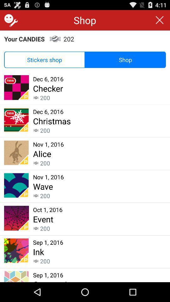 Image resolution: width=170 pixels, height=302 pixels. Describe the element at coordinates (38, 252) in the screenshot. I see `ink icon` at that location.